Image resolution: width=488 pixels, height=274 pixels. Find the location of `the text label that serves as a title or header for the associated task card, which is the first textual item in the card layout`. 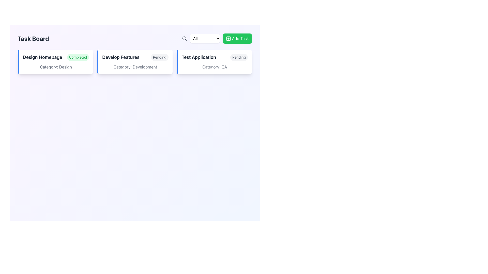

the text label that serves as a title or header for the associated task card, which is the first textual item in the card layout is located at coordinates (199, 57).